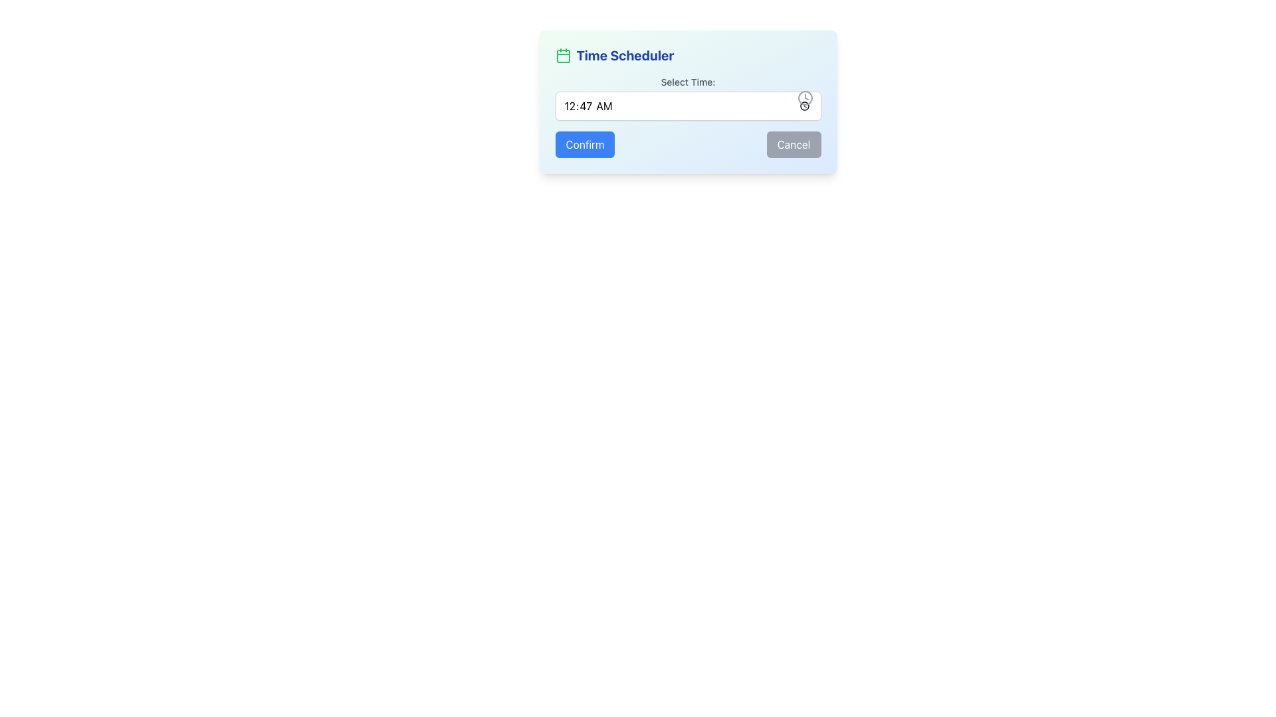 The image size is (1276, 717). Describe the element at coordinates (804, 97) in the screenshot. I see `the clock icon with a minimalistic black outline, located on the far right side of the input field labeled 'Select Time:', next to the text '12:47 AM'` at that location.